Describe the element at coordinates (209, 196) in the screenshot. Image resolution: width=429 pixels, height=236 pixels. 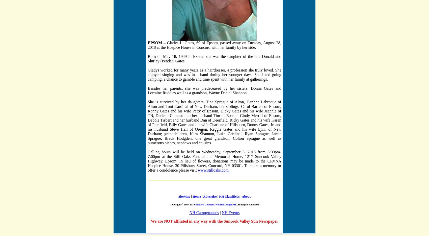
I see `'Advertise'` at that location.